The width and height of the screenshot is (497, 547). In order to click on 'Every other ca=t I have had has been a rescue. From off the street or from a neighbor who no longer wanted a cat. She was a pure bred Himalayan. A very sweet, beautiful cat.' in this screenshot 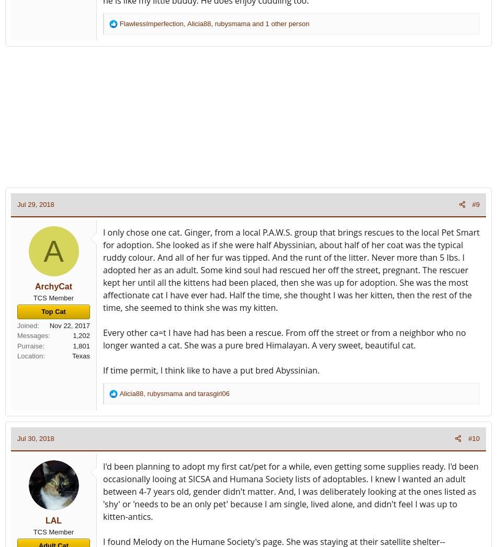, I will do `click(284, 338)`.